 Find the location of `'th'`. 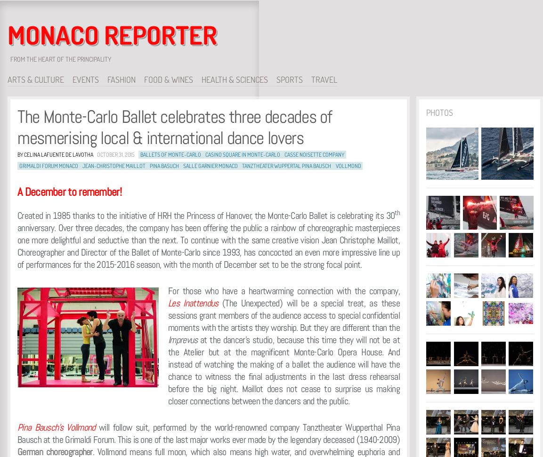

'th' is located at coordinates (397, 212).